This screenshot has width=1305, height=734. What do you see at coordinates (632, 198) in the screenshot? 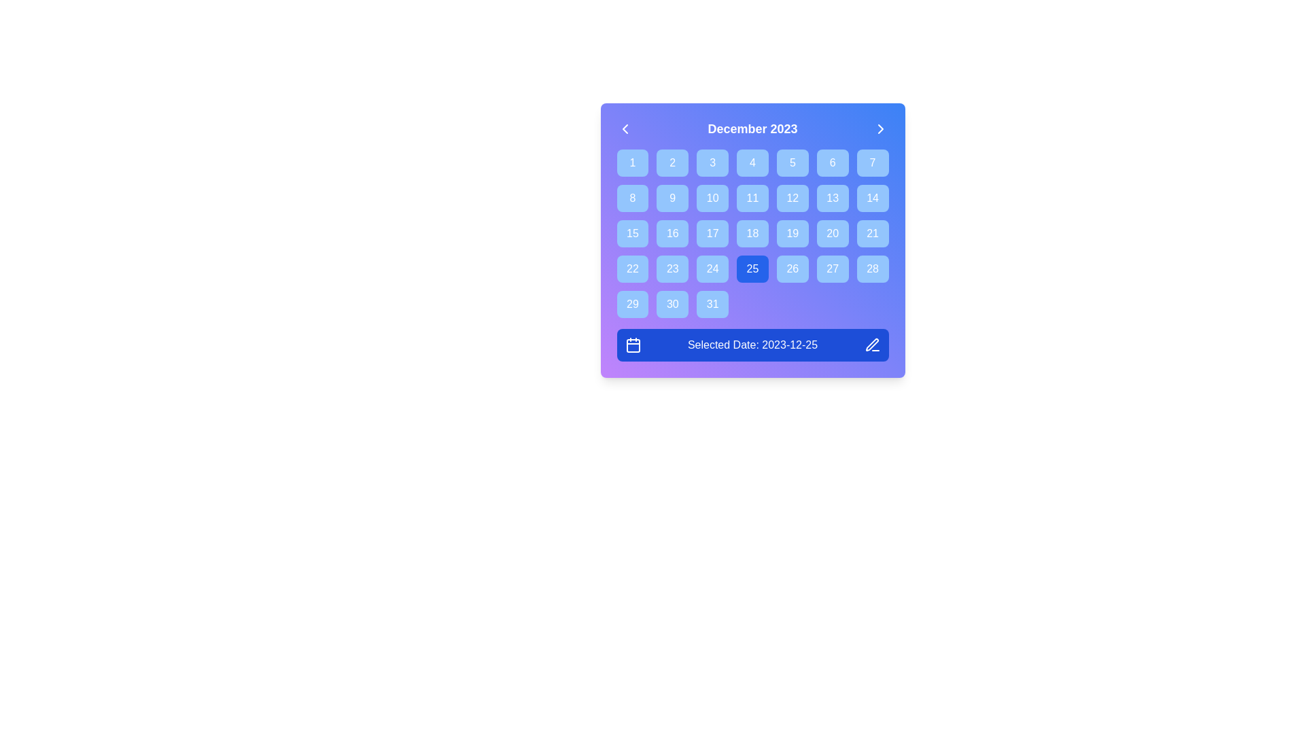
I see `the Calendar Day Button representing the day '8' in the calendar's date selection grid` at bounding box center [632, 198].